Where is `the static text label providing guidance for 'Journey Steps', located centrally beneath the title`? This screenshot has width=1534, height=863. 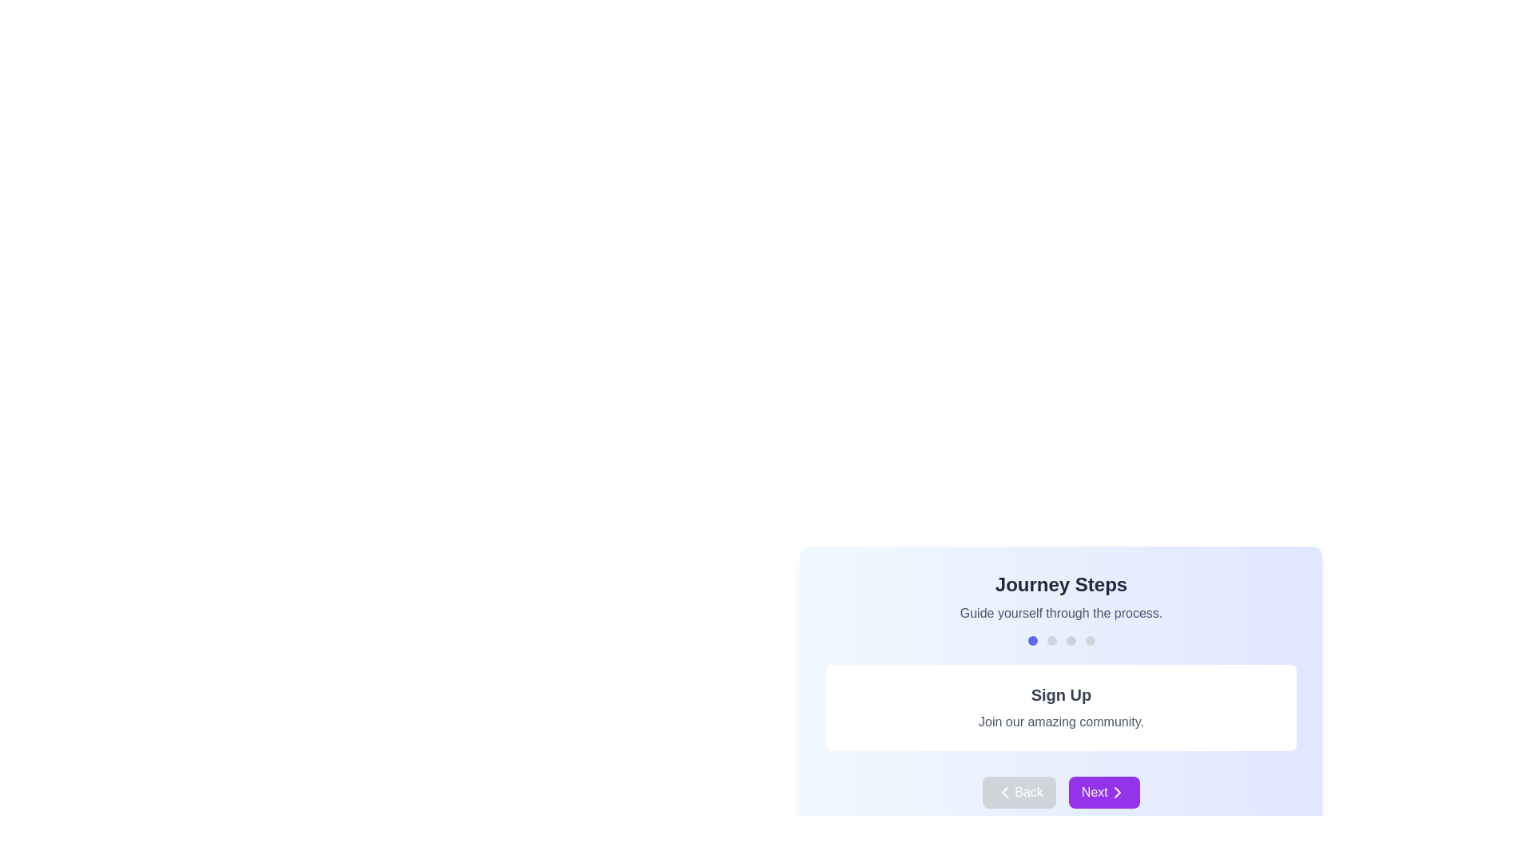 the static text label providing guidance for 'Journey Steps', located centrally beneath the title is located at coordinates (1061, 612).